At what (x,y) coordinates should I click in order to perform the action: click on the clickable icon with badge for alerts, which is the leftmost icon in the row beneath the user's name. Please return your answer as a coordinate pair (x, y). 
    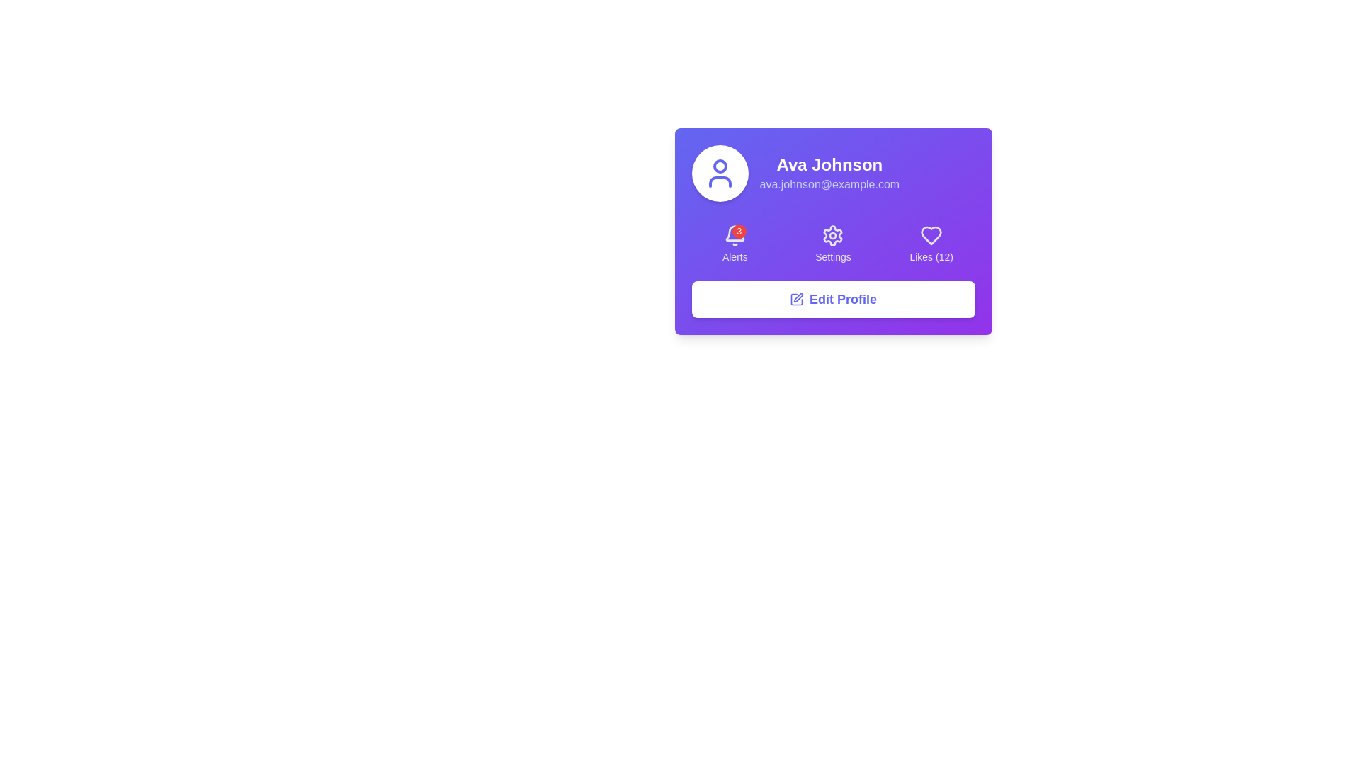
    Looking at the image, I should click on (735, 234).